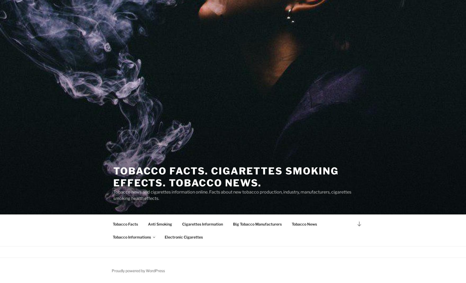 The height and width of the screenshot is (283, 466). What do you see at coordinates (160, 224) in the screenshot?
I see `'Anti Smoking'` at bounding box center [160, 224].